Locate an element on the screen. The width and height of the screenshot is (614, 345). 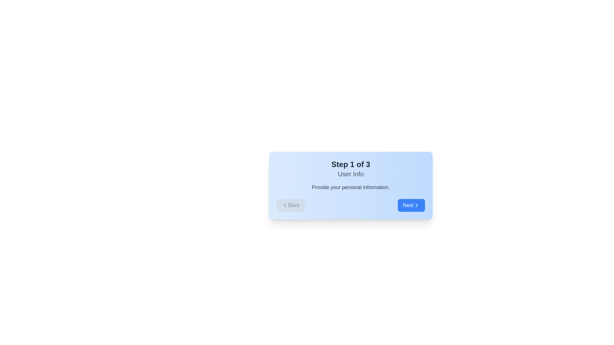
the 'Back' button icon, which serves as a visual indicator for backward navigation is located at coordinates (285, 205).